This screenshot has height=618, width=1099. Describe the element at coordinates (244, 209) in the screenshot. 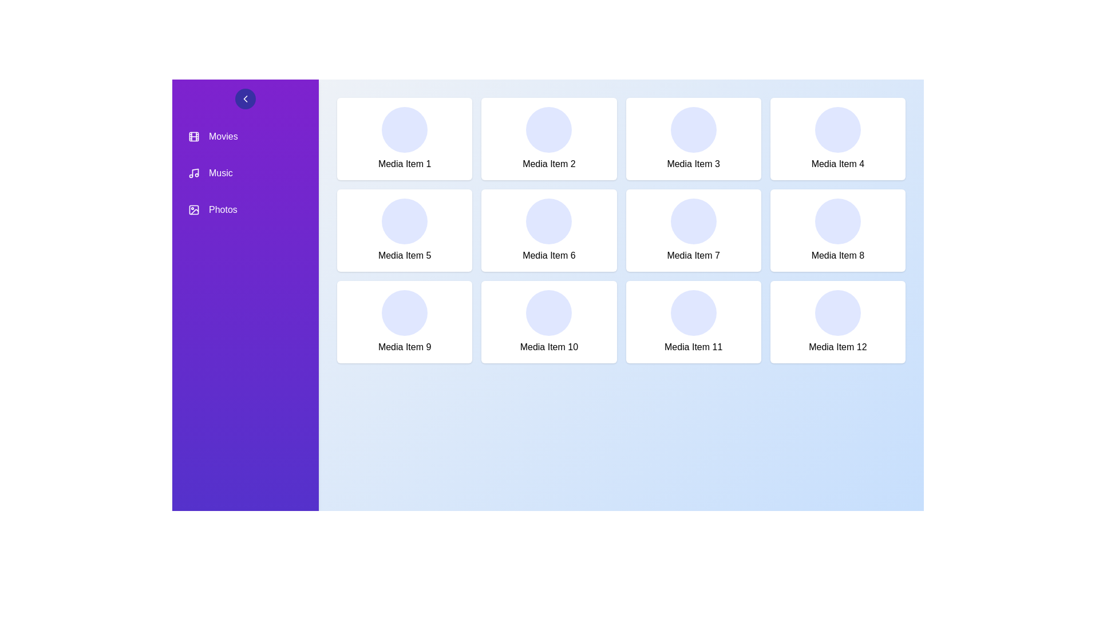

I see `the navigation item Photos in the sidebar` at that location.